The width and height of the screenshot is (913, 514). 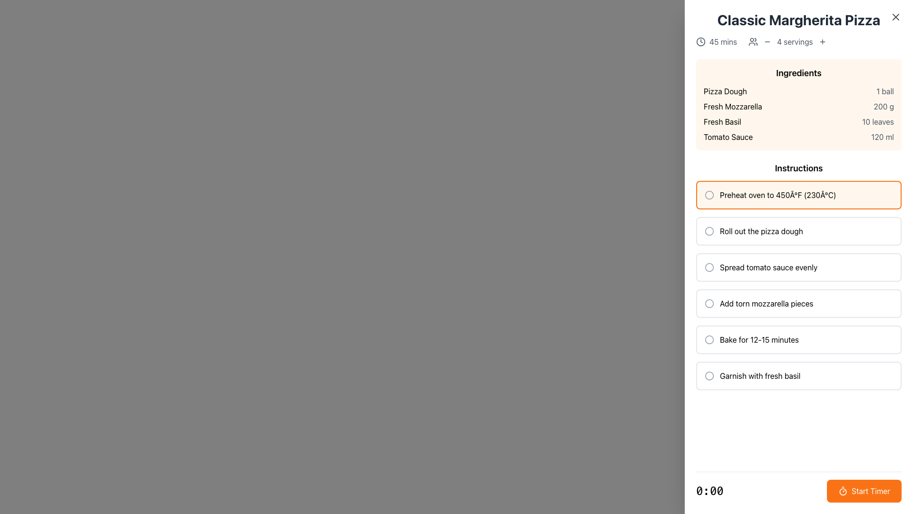 I want to click on the first button in the horizontal row that decreases the serving count next to the '4 servings' label, so click(x=767, y=41).